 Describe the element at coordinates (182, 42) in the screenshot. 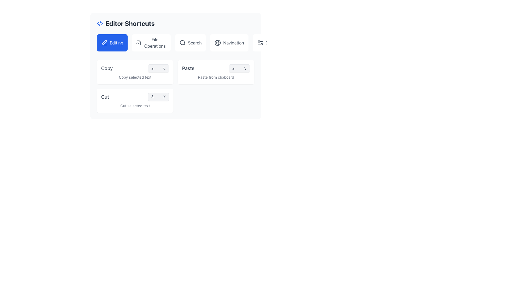

I see `the magnifying glass icon within the 'Search' button located in the top toolbar` at that location.